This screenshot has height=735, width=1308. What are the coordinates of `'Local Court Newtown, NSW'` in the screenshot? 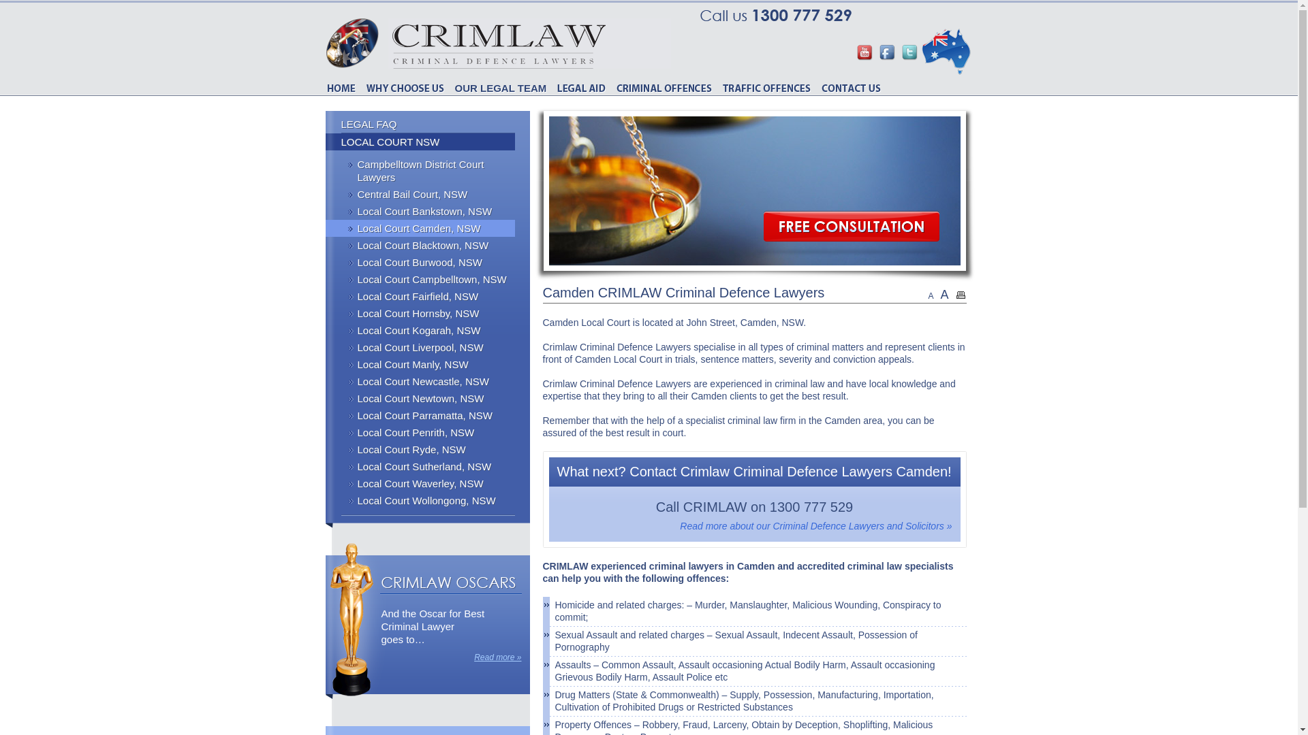 It's located at (420, 398).